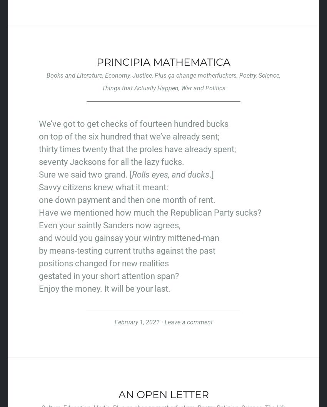  What do you see at coordinates (111, 161) in the screenshot?
I see `'seventy Jacksons for all the lazy fucks.'` at bounding box center [111, 161].